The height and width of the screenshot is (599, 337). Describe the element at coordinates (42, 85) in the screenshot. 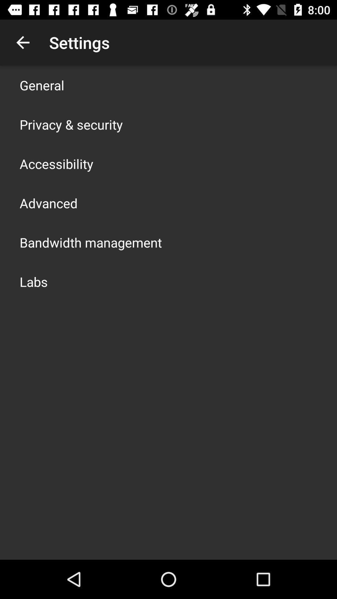

I see `general` at that location.